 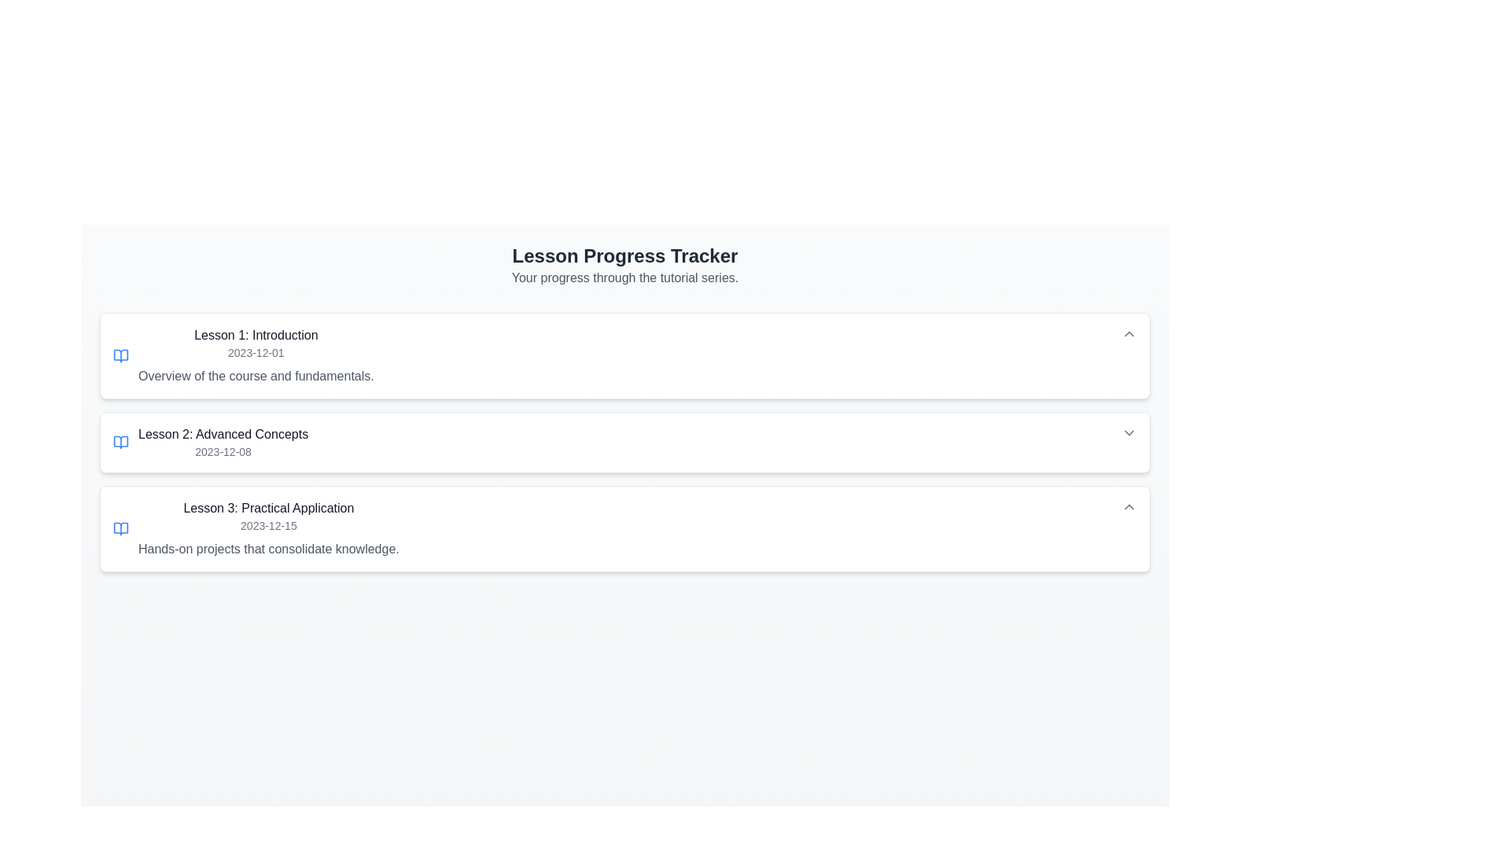 What do you see at coordinates (120, 443) in the screenshot?
I see `the icon representing the lesson in the card labeled 'Lesson 2: Advanced Concepts', located at the leftmost part of the card and aligned with the text` at bounding box center [120, 443].